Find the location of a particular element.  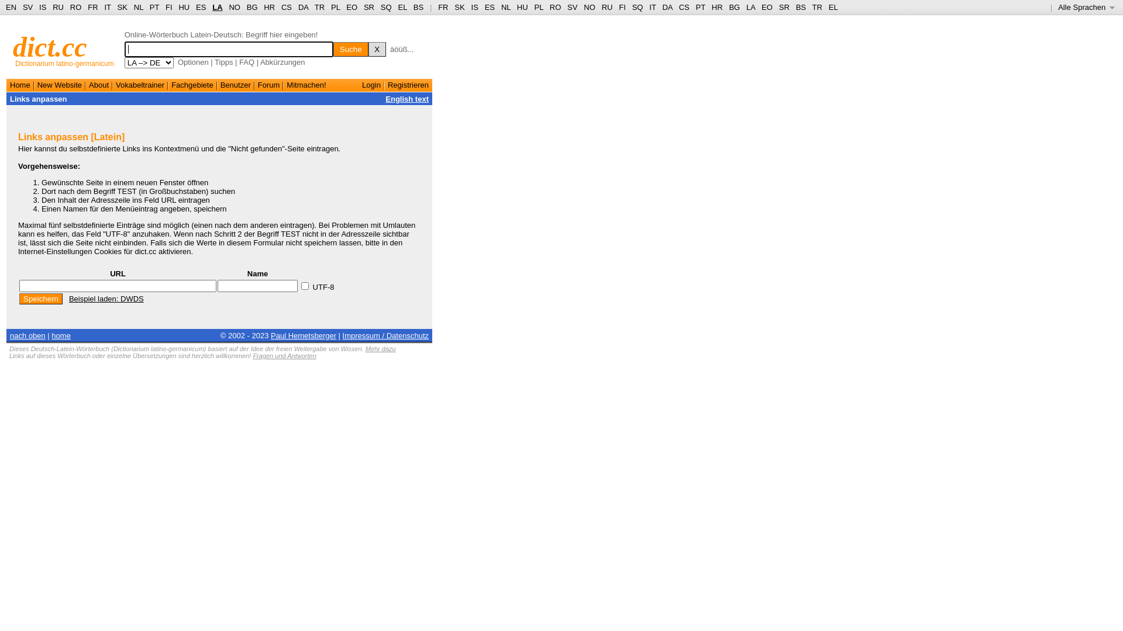

'EL' is located at coordinates (833, 7).